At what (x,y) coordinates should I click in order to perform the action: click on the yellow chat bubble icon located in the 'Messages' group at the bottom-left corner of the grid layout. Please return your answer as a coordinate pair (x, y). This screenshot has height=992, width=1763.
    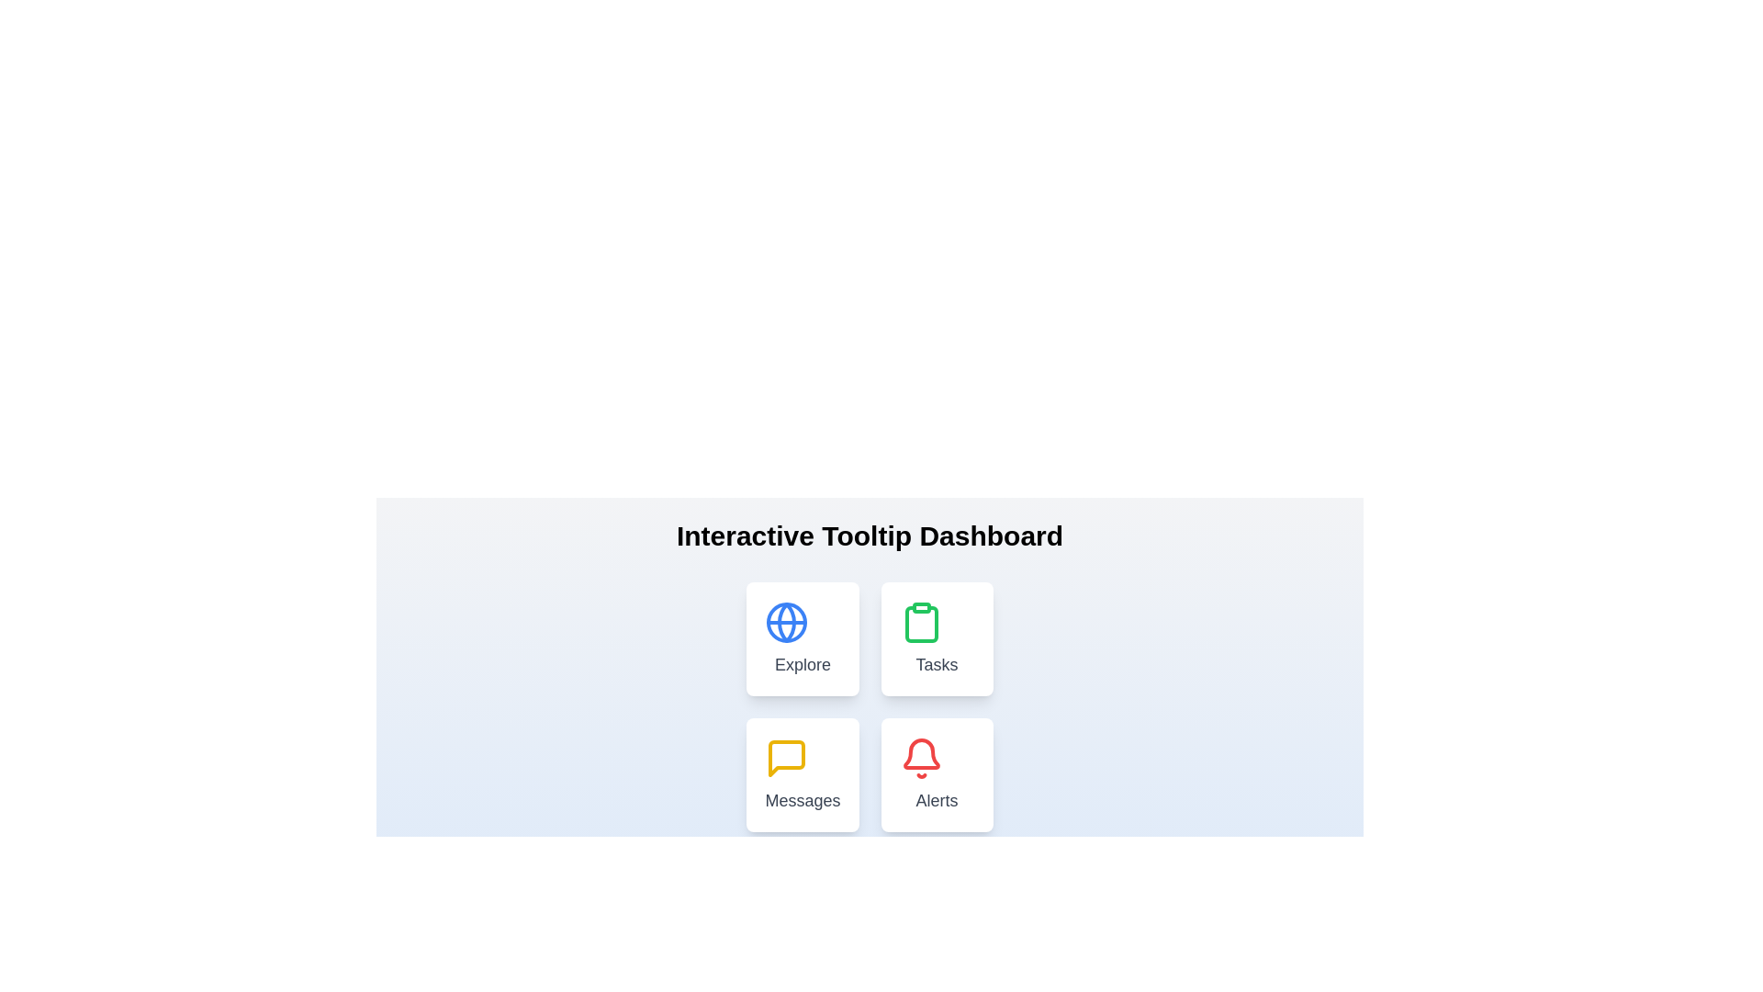
    Looking at the image, I should click on (787, 758).